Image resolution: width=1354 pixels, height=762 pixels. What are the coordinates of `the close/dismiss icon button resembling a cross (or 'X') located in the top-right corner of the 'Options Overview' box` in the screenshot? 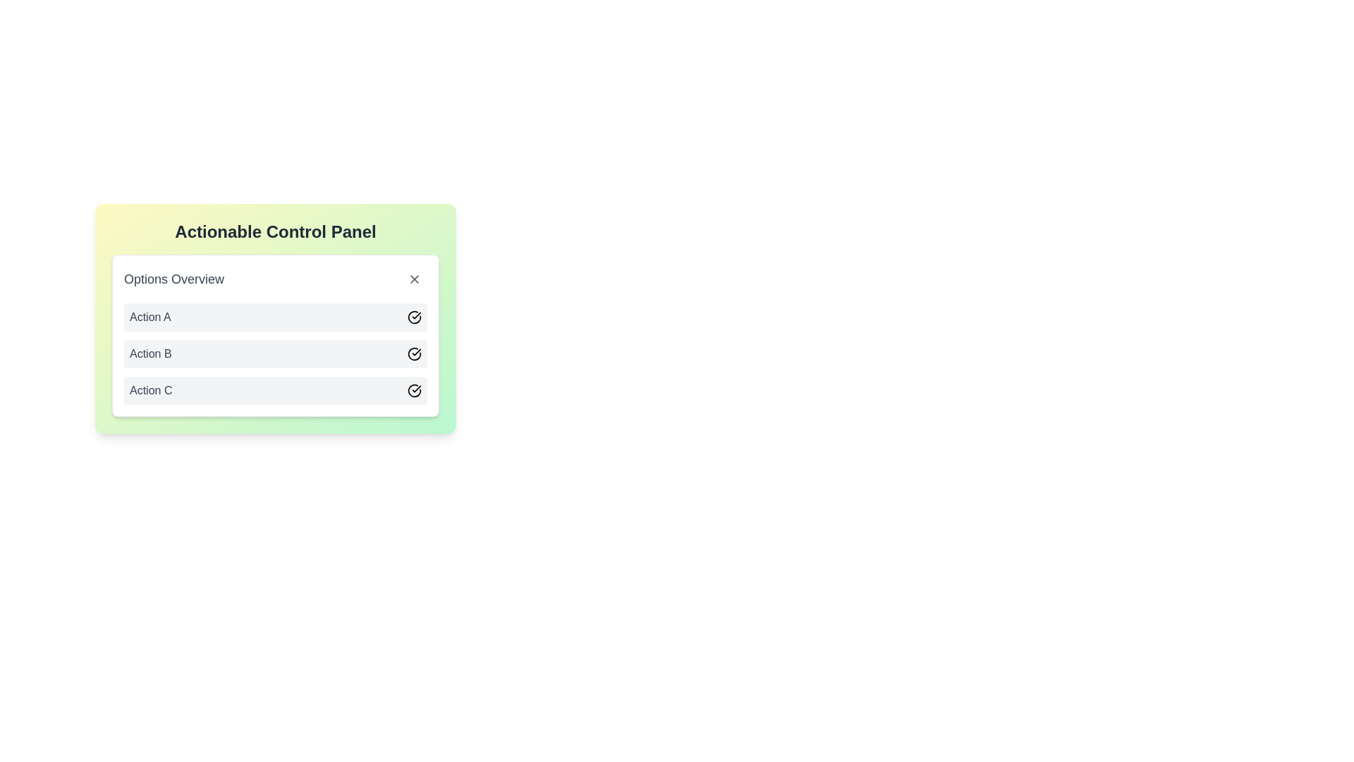 It's located at (414, 279).